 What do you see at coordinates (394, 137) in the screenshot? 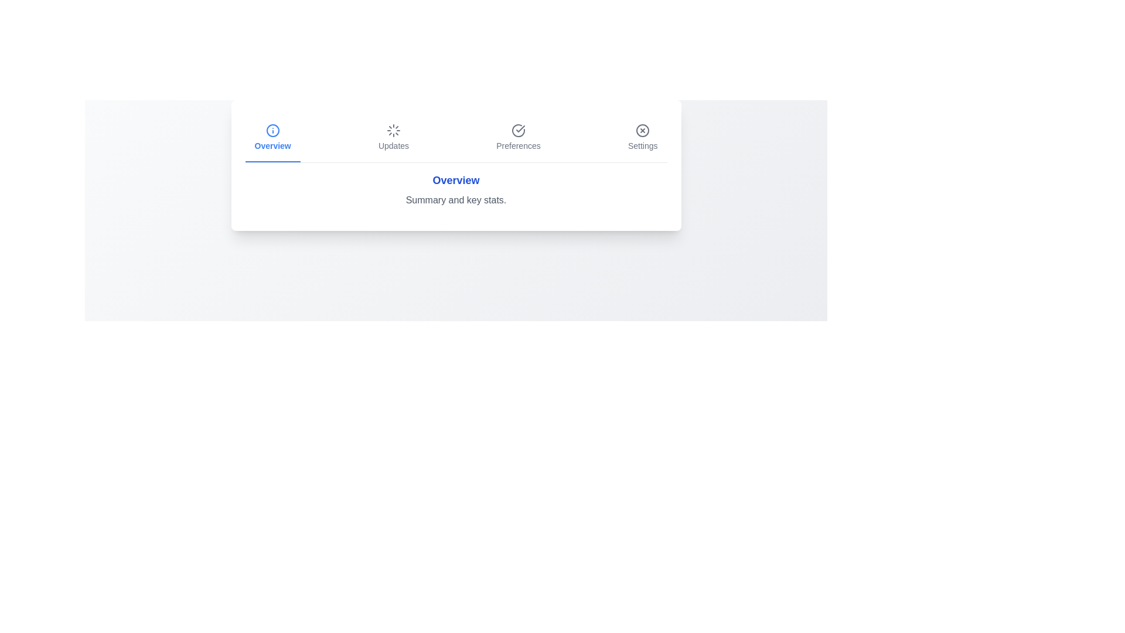
I see `the tab labeled Updates` at bounding box center [394, 137].